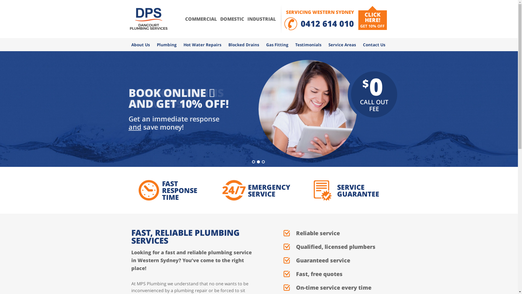  What do you see at coordinates (359, 44) in the screenshot?
I see `'Contact Us'` at bounding box center [359, 44].